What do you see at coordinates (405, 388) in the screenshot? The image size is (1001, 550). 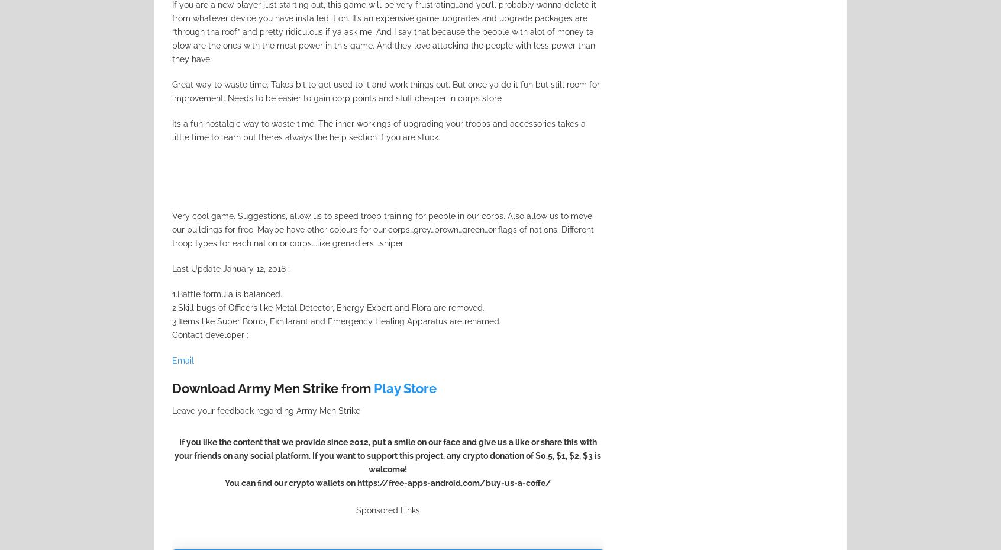 I see `'Play Store'` at bounding box center [405, 388].